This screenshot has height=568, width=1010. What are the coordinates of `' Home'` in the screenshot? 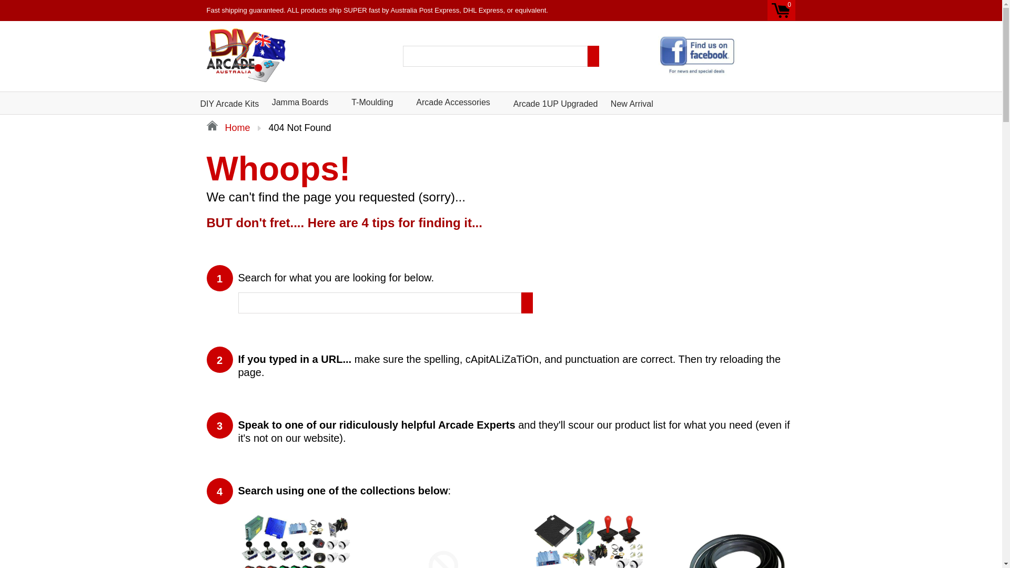 It's located at (206, 127).